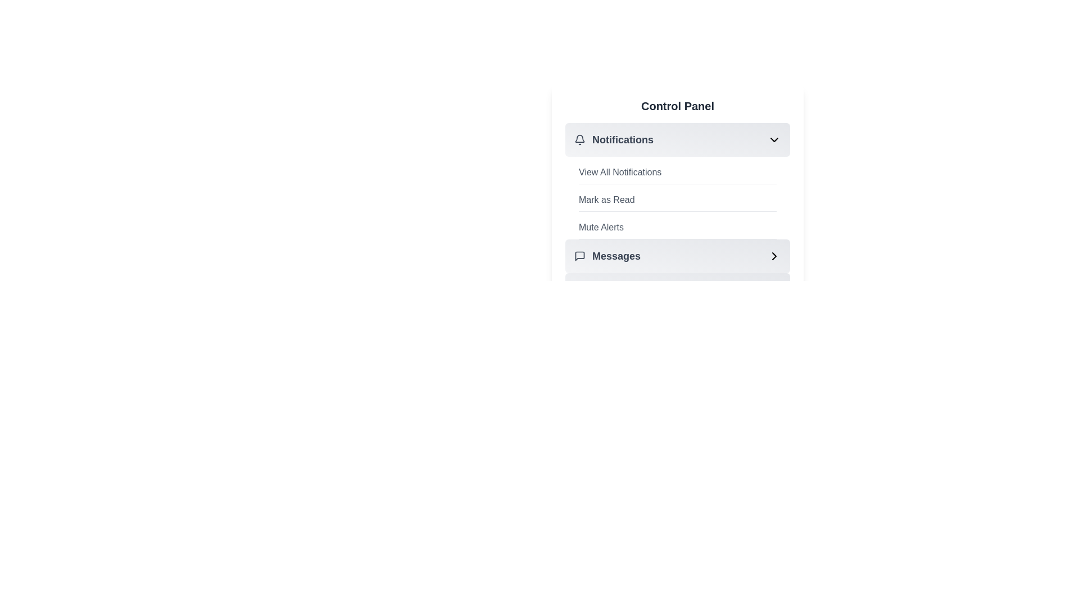  What do you see at coordinates (677, 139) in the screenshot?
I see `the dropdown button to manage notifications, which is the first and most prominent item in the group located at the top of the section` at bounding box center [677, 139].